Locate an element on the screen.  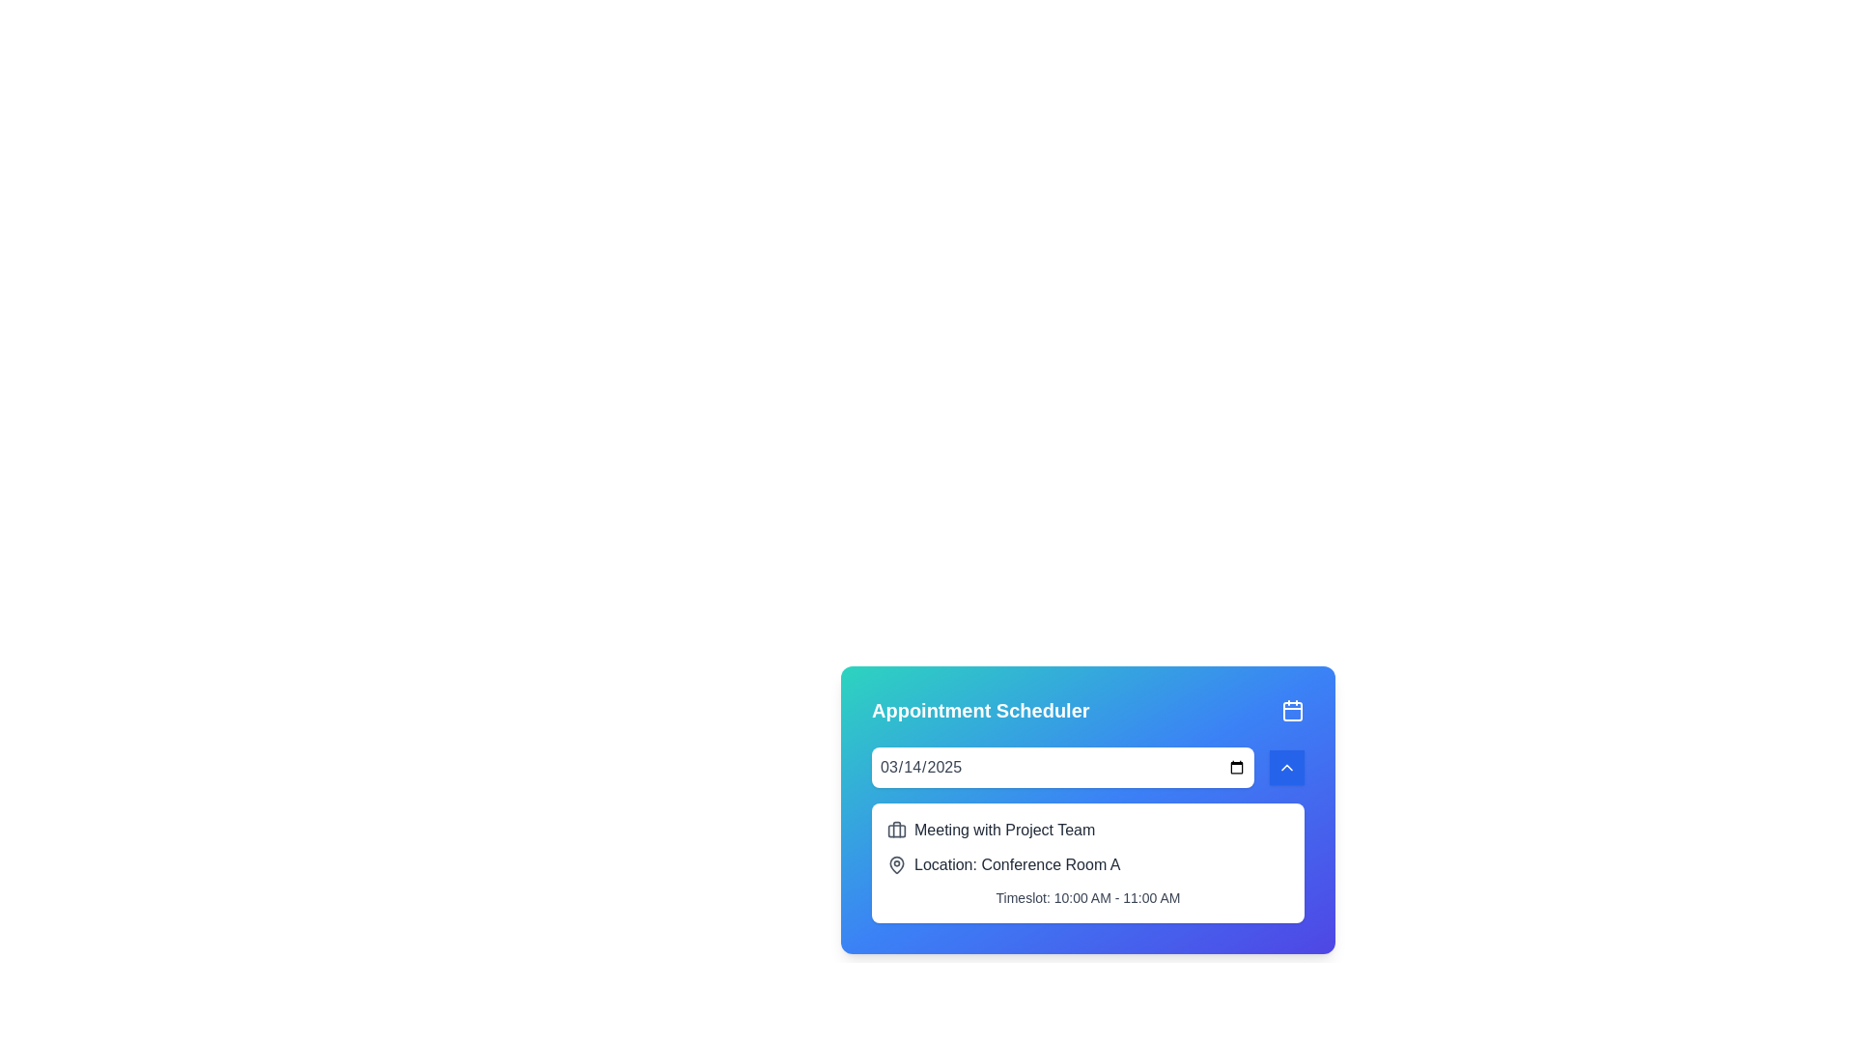
text from the label that says 'Meeting with Project Team', which is styled in gray font and is located next to a briefcase icon is located at coordinates (1088, 830).